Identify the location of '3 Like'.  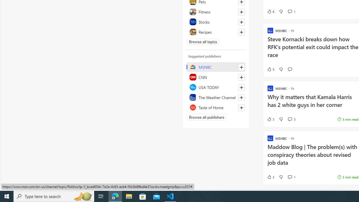
(270, 177).